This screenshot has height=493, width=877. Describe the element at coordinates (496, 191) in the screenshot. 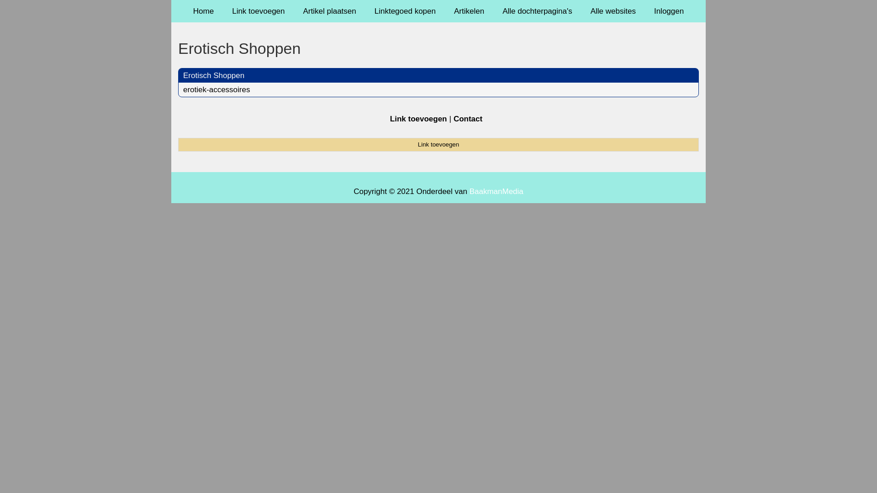

I see `'BaakmanMedia'` at that location.